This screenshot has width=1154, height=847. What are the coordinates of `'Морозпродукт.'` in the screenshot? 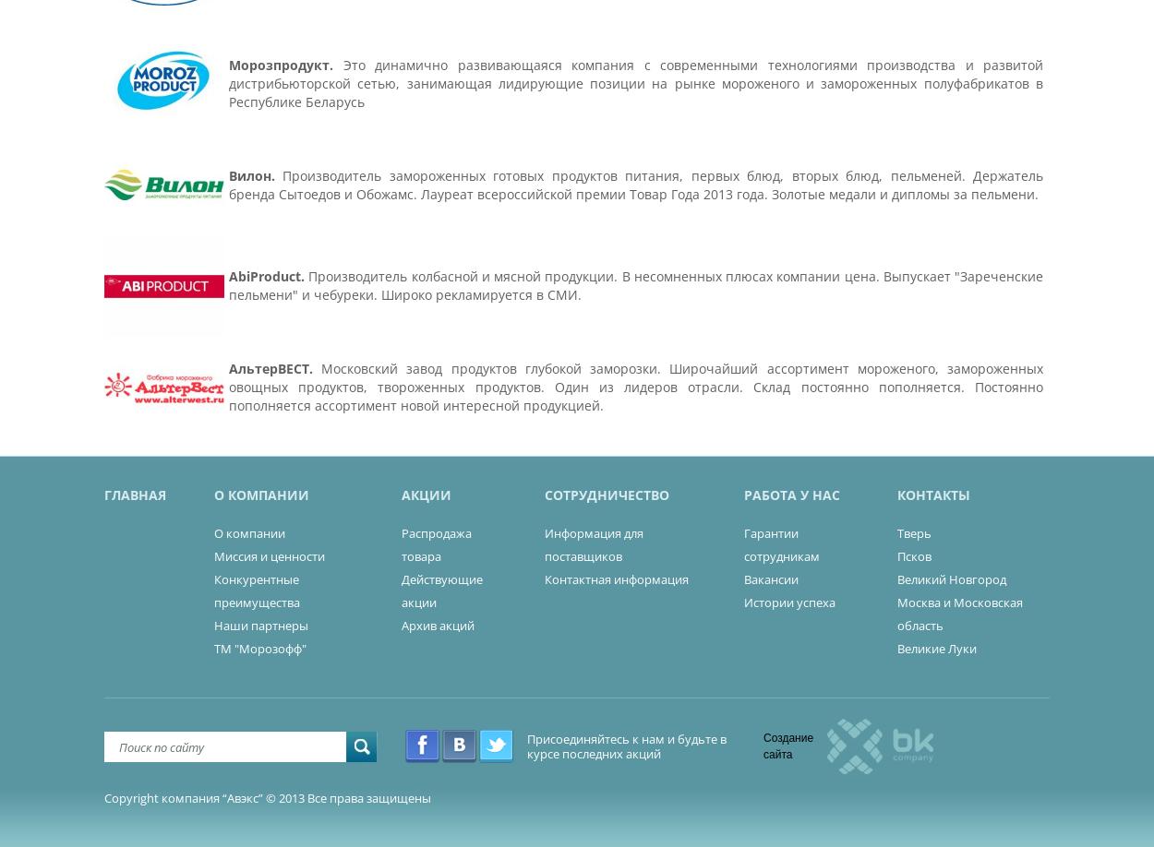 It's located at (228, 65).